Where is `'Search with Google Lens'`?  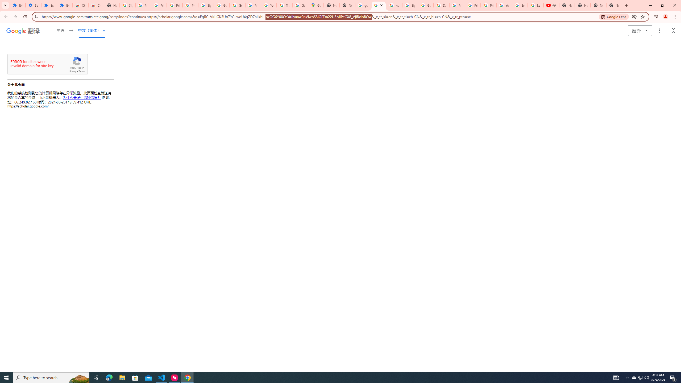
'Search with Google Lens' is located at coordinates (613, 16).